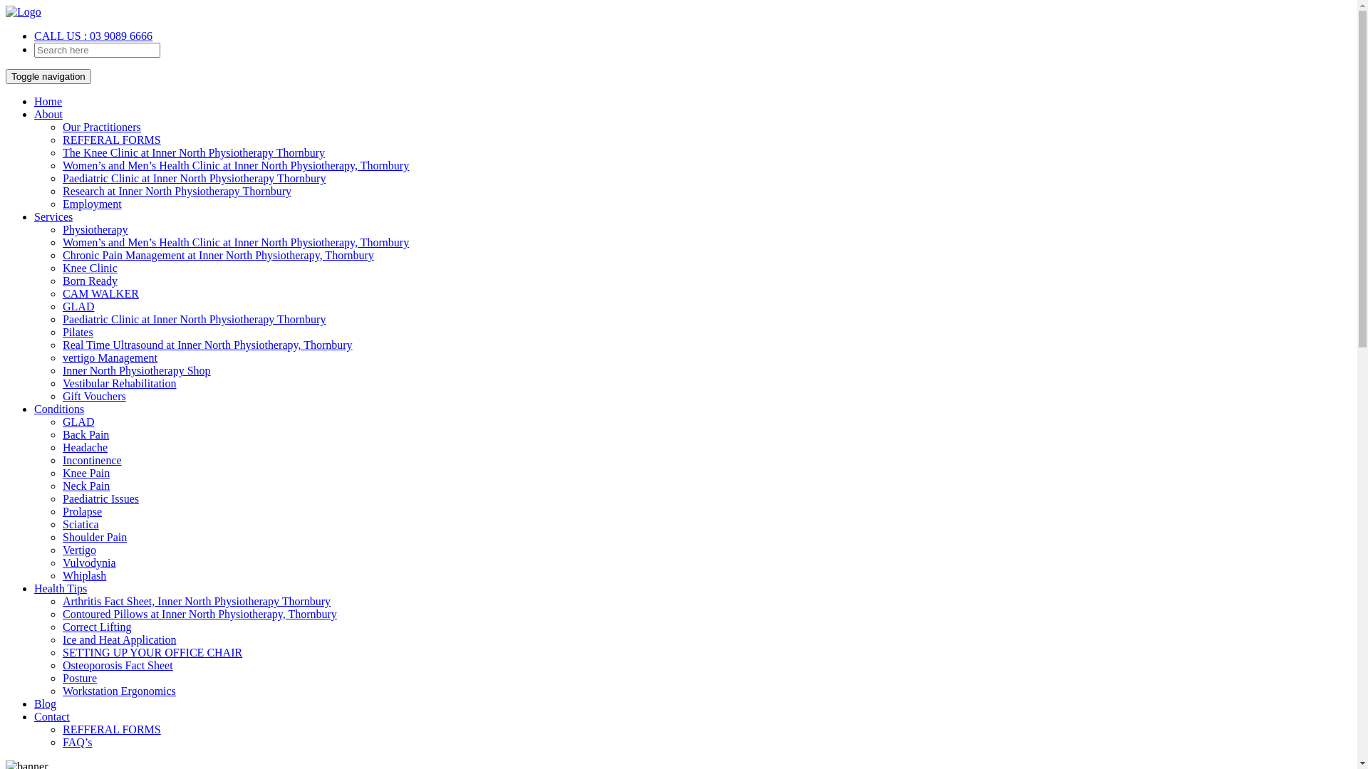  What do you see at coordinates (53, 216) in the screenshot?
I see `'Services'` at bounding box center [53, 216].